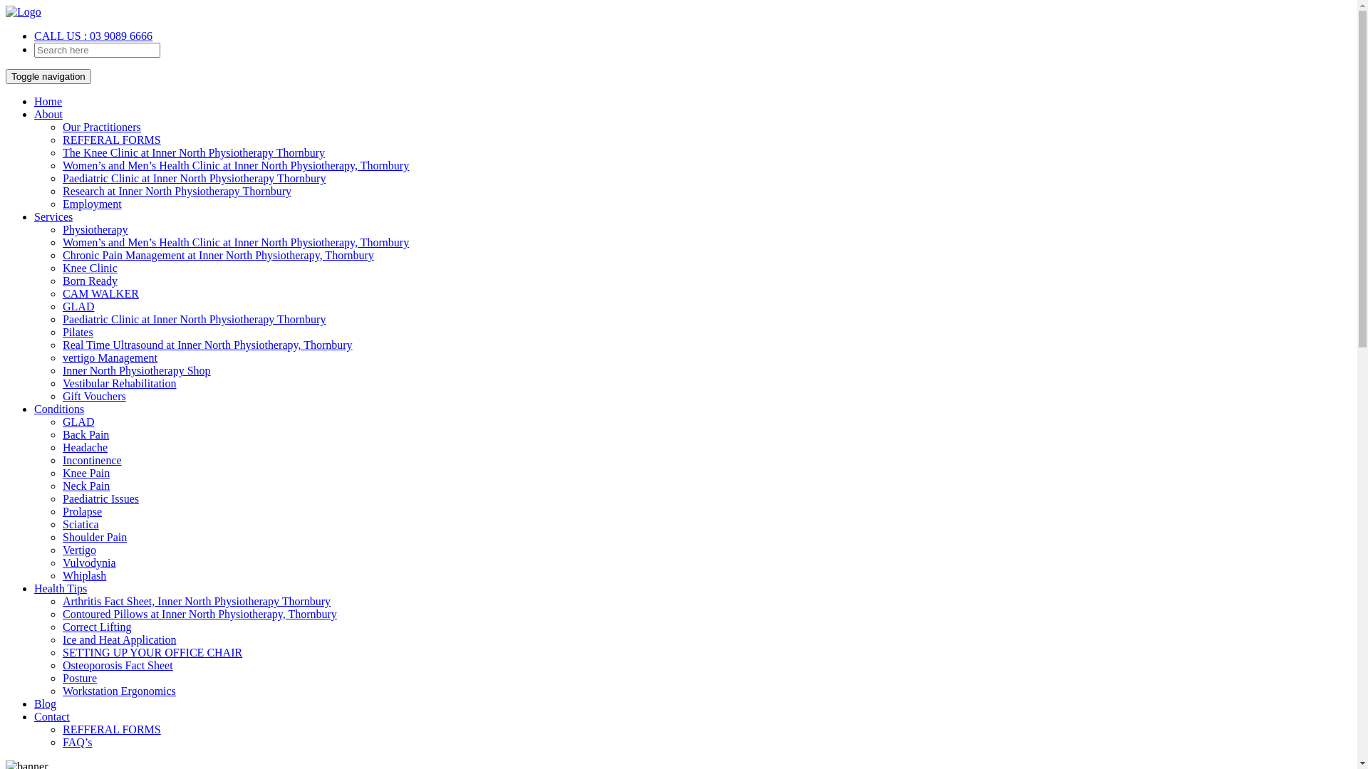  What do you see at coordinates (53, 216) in the screenshot?
I see `'Services'` at bounding box center [53, 216].